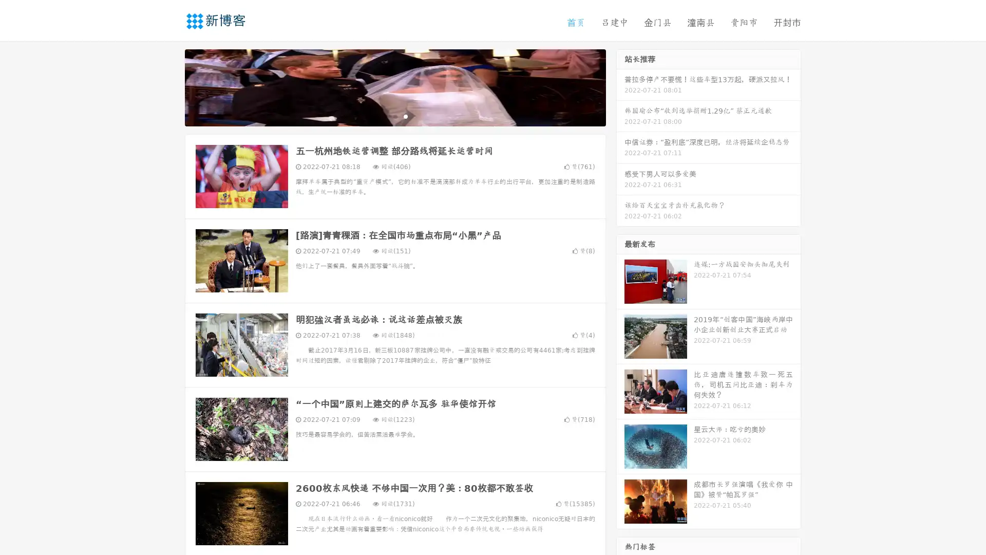  What do you see at coordinates (620, 86) in the screenshot?
I see `Next slide` at bounding box center [620, 86].